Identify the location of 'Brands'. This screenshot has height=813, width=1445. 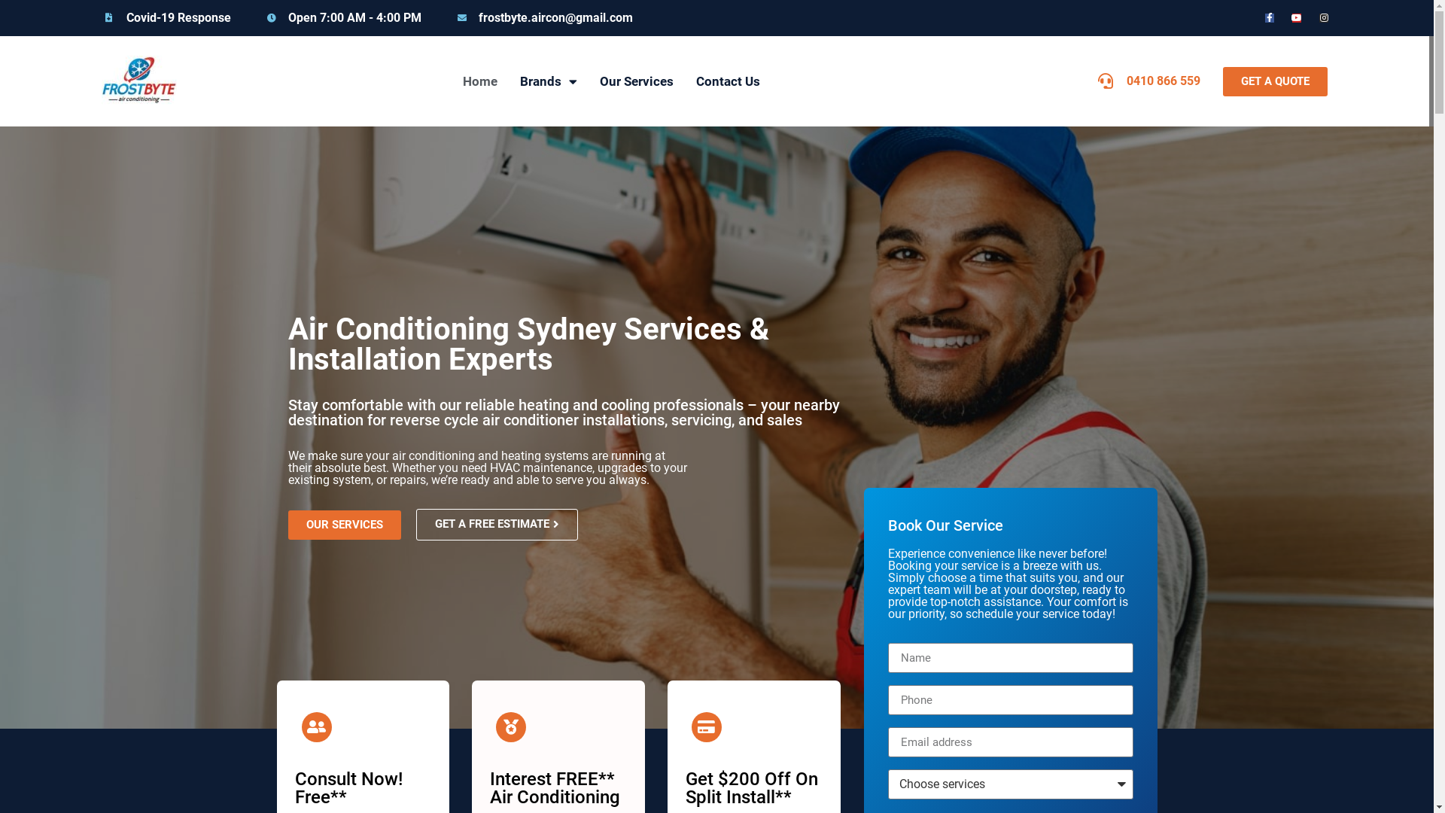
(548, 81).